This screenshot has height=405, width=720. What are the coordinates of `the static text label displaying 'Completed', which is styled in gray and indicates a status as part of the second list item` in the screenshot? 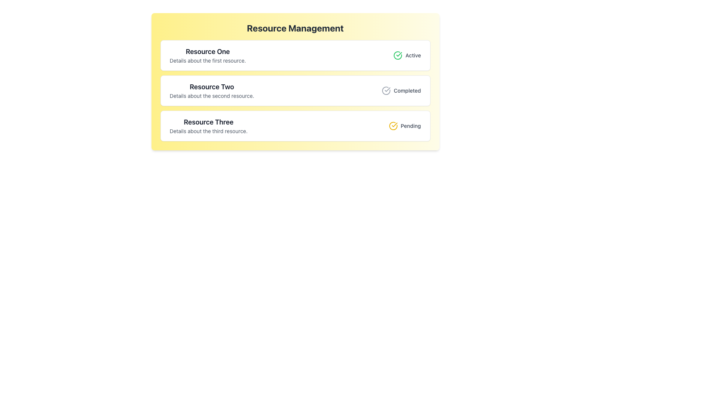 It's located at (407, 90).